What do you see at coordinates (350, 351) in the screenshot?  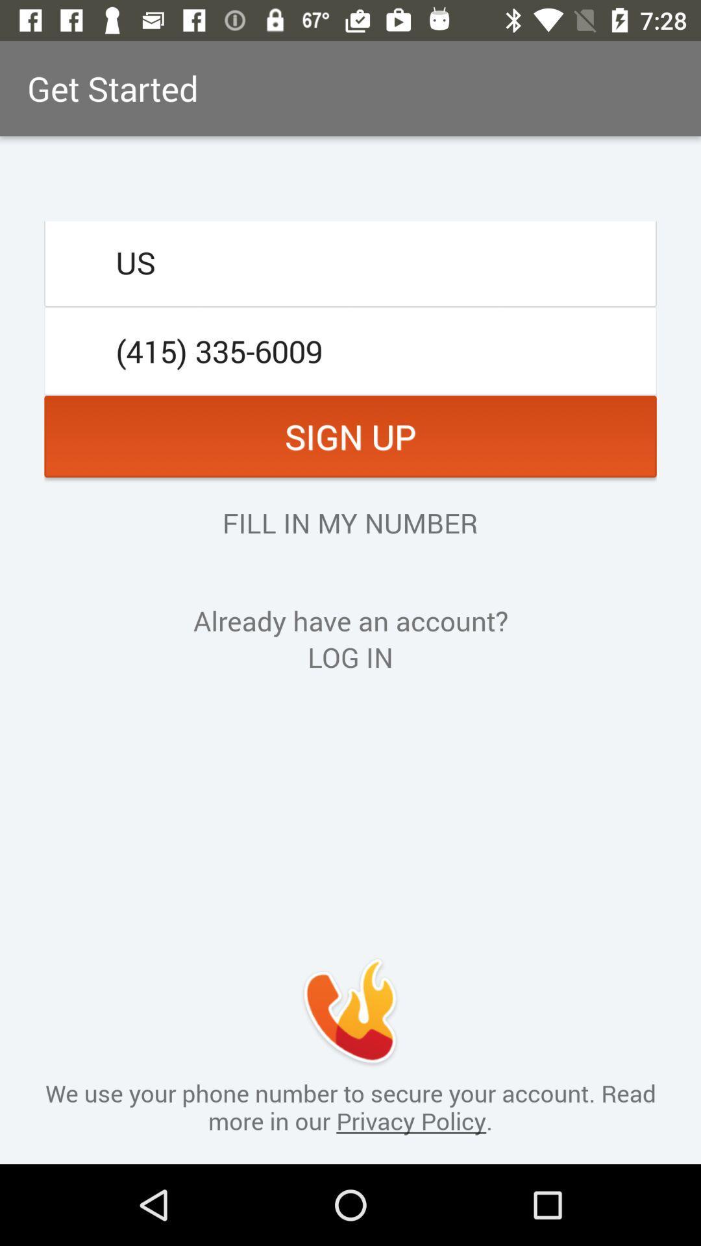 I see `the (415) 335-6009 icon` at bounding box center [350, 351].